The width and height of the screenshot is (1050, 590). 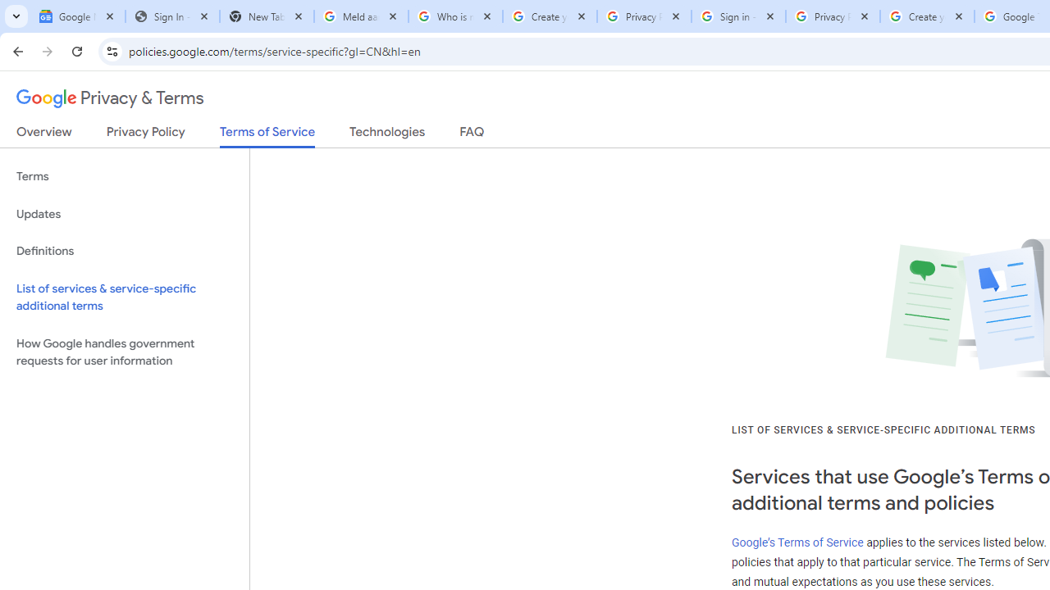 I want to click on 'Technologies', so click(x=386, y=134).